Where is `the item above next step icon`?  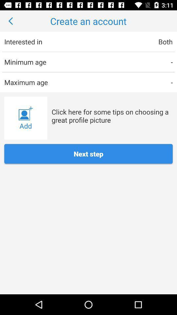
the item above next step icon is located at coordinates (112, 116).